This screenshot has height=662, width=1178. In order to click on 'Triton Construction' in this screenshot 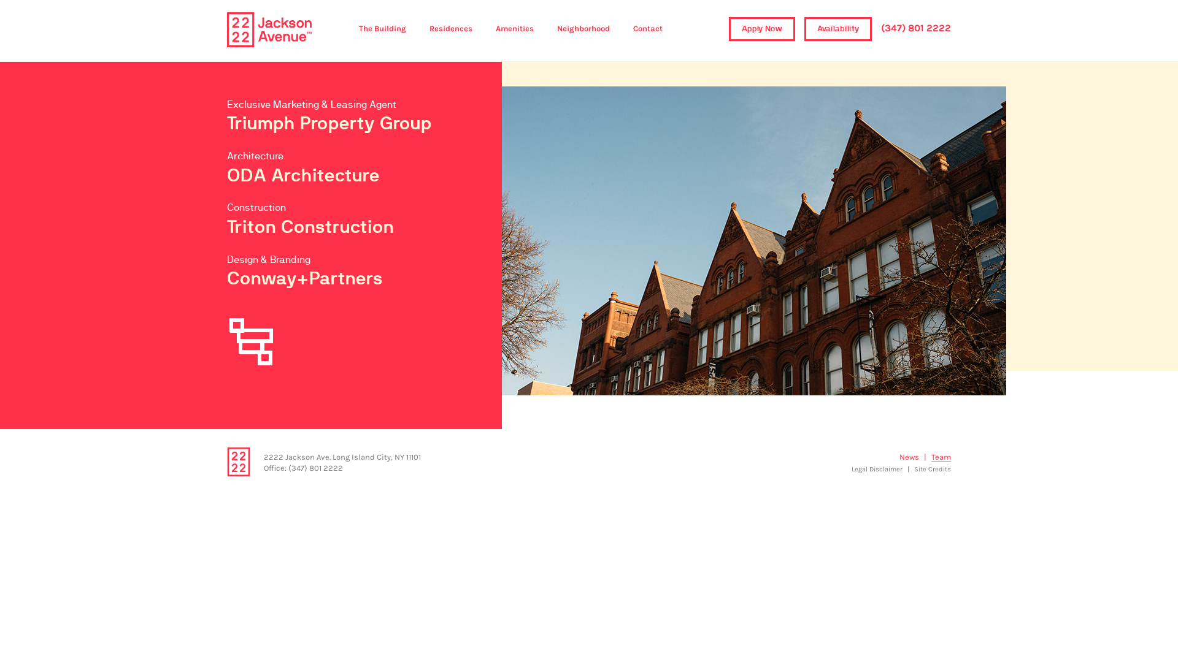, I will do `click(310, 227)`.